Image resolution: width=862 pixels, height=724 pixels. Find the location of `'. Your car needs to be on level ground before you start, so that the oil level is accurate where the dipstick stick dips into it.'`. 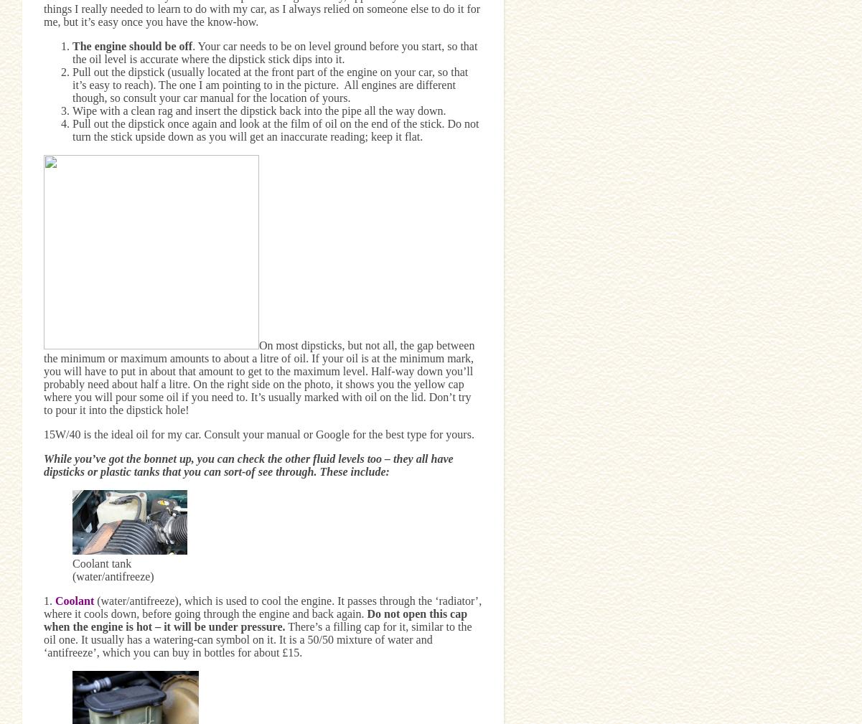

'. Your car needs to be on level ground before you start, so that the oil level is accurate where the dipstick stick dips into it.' is located at coordinates (273, 51).